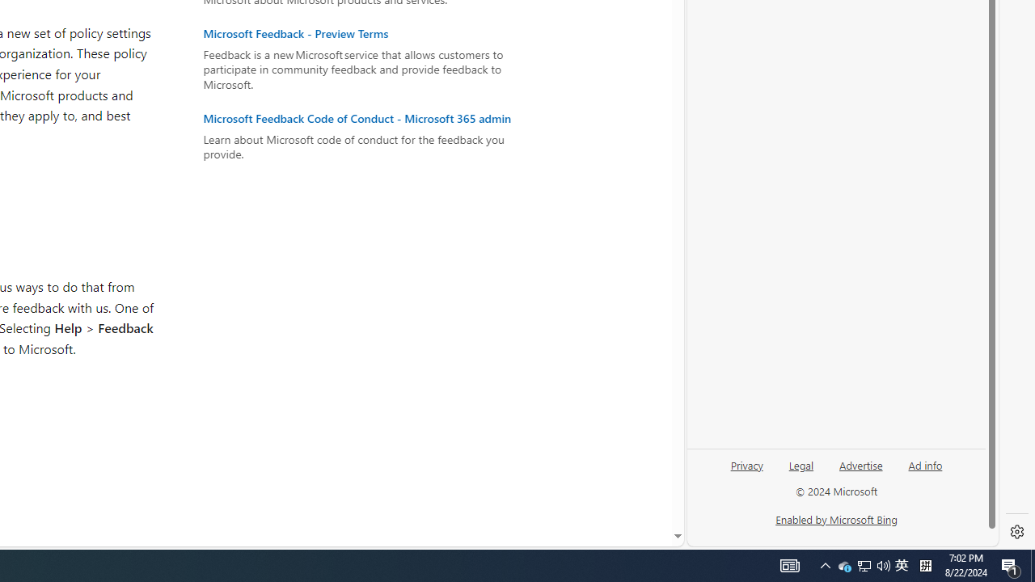 Image resolution: width=1035 pixels, height=582 pixels. I want to click on 'Advertise', so click(860, 471).